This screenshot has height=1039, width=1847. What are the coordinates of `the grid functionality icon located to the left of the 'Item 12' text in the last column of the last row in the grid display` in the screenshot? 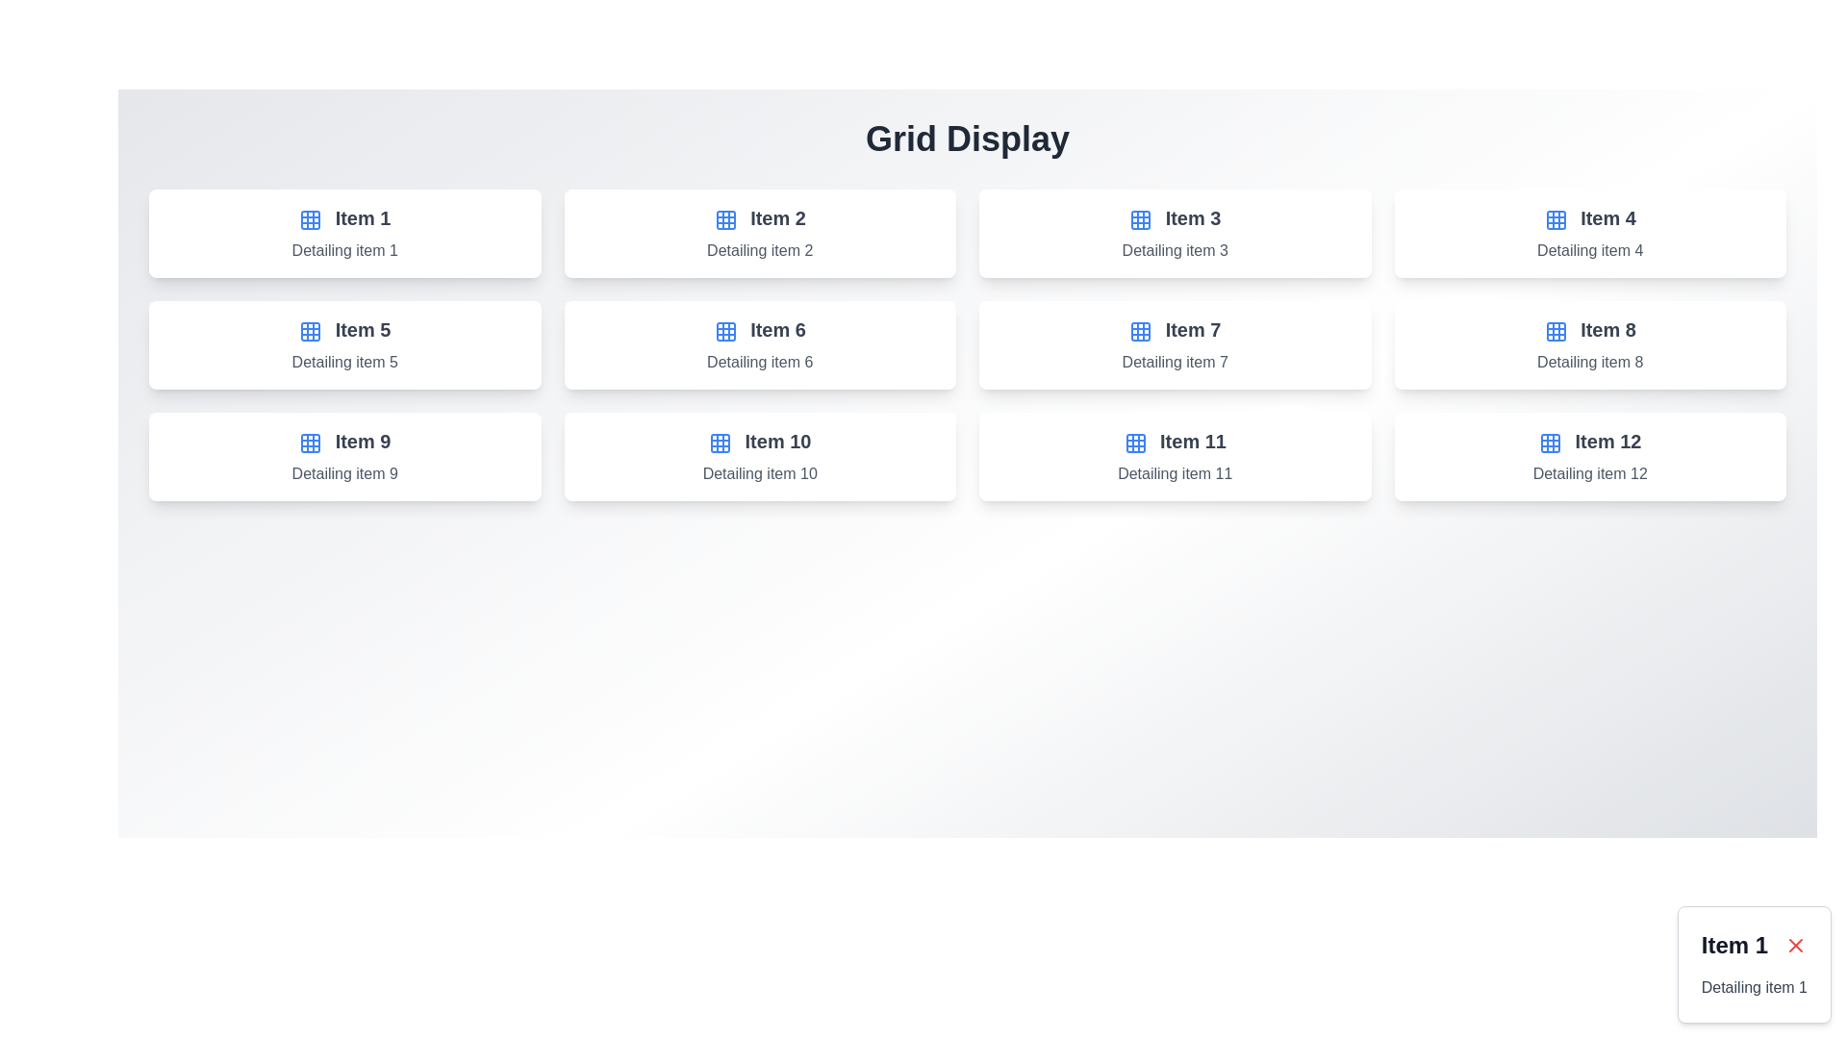 It's located at (1551, 442).